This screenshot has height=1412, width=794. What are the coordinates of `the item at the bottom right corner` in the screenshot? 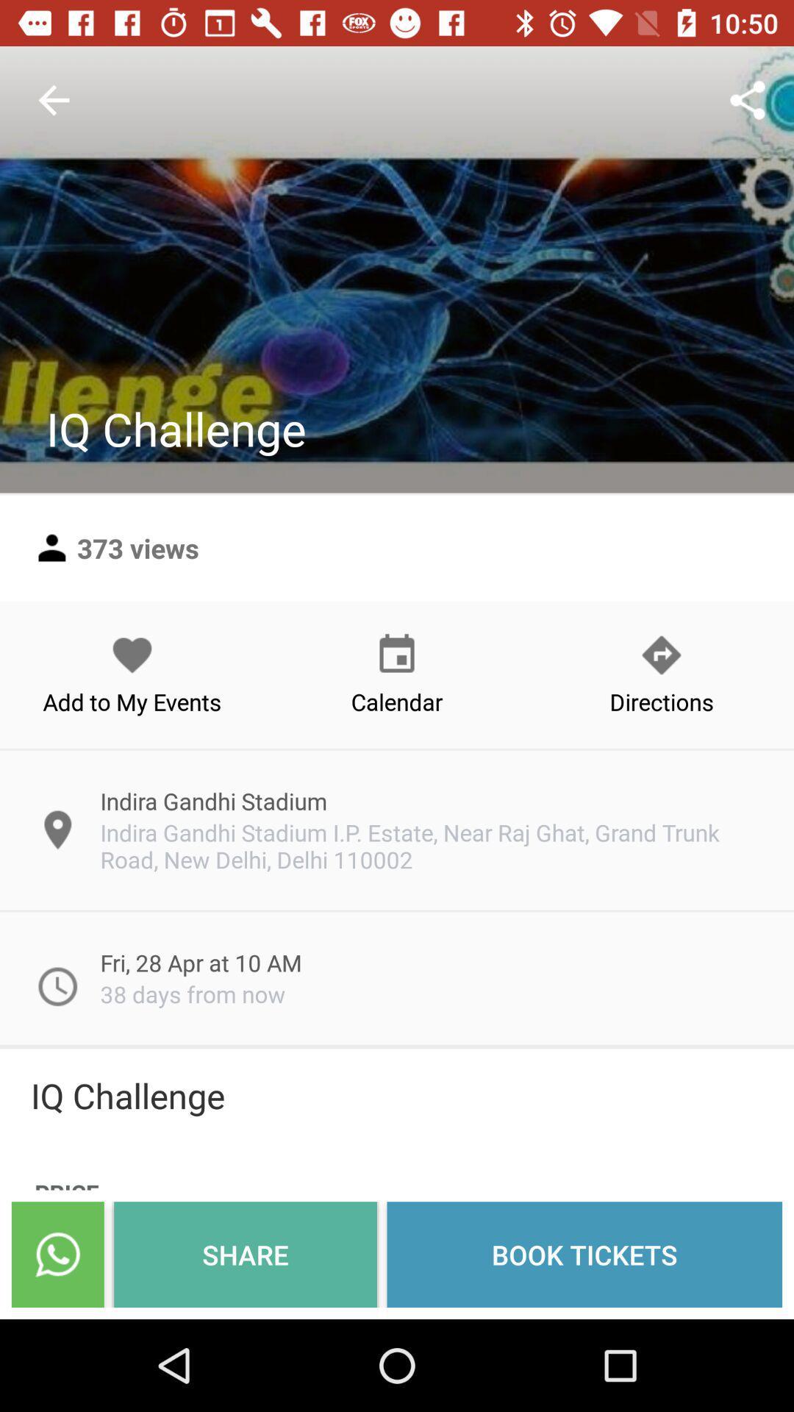 It's located at (584, 1254).